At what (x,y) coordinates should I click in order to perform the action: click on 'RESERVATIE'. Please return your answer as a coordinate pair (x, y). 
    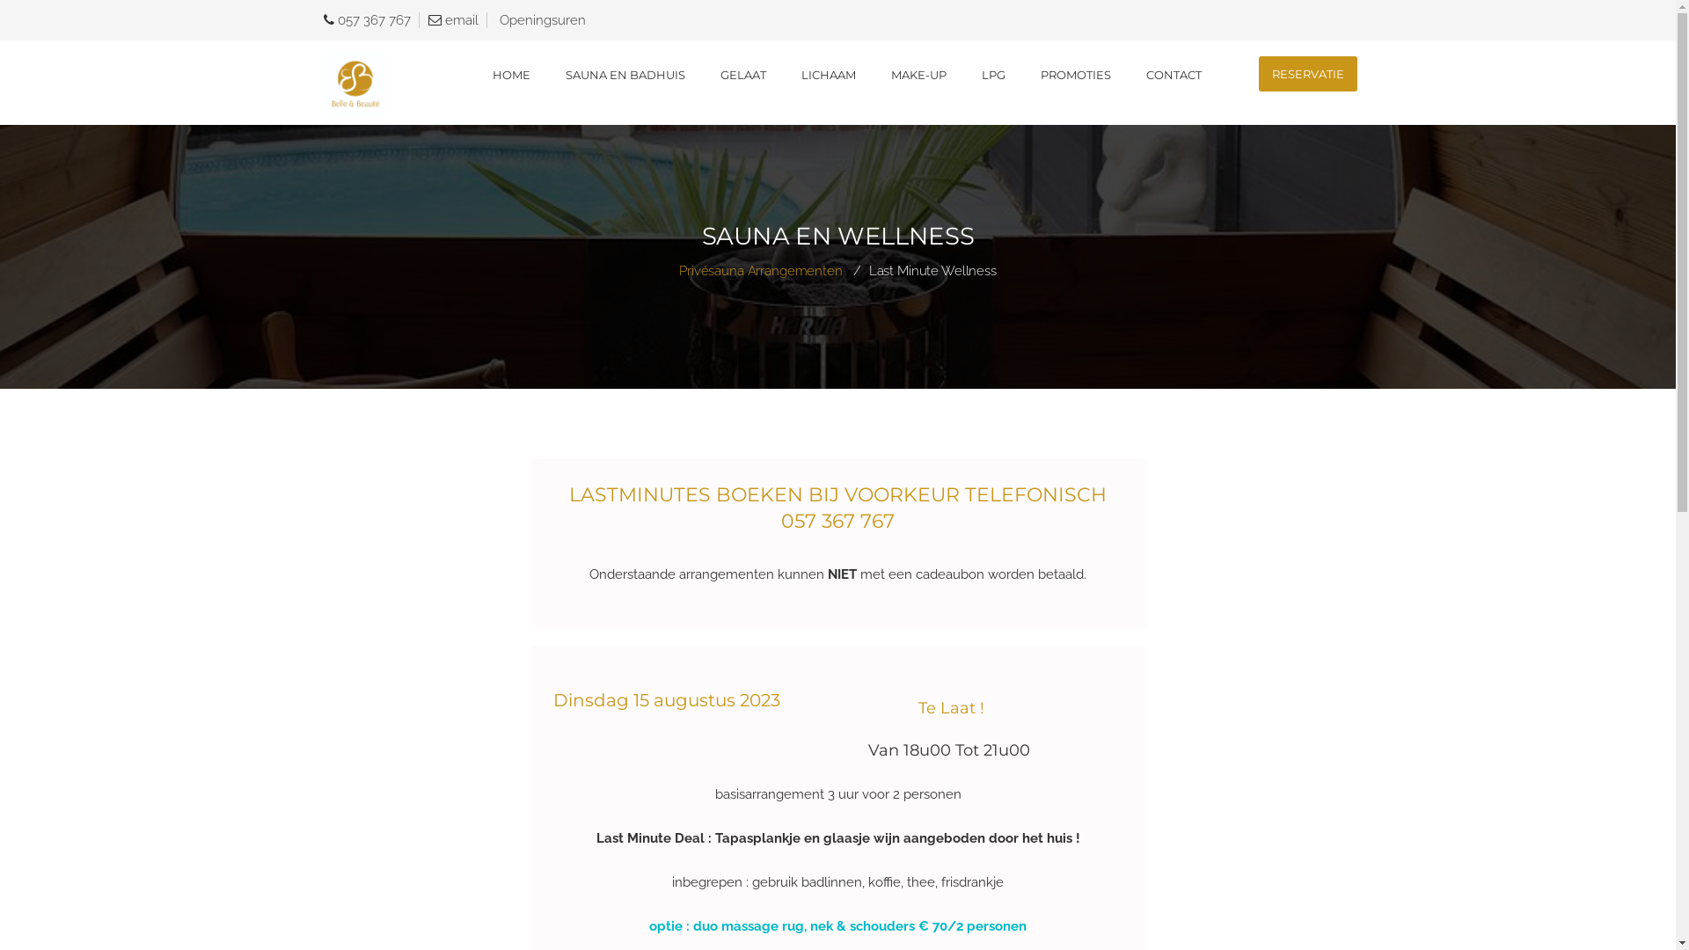
    Looking at the image, I should click on (1307, 82).